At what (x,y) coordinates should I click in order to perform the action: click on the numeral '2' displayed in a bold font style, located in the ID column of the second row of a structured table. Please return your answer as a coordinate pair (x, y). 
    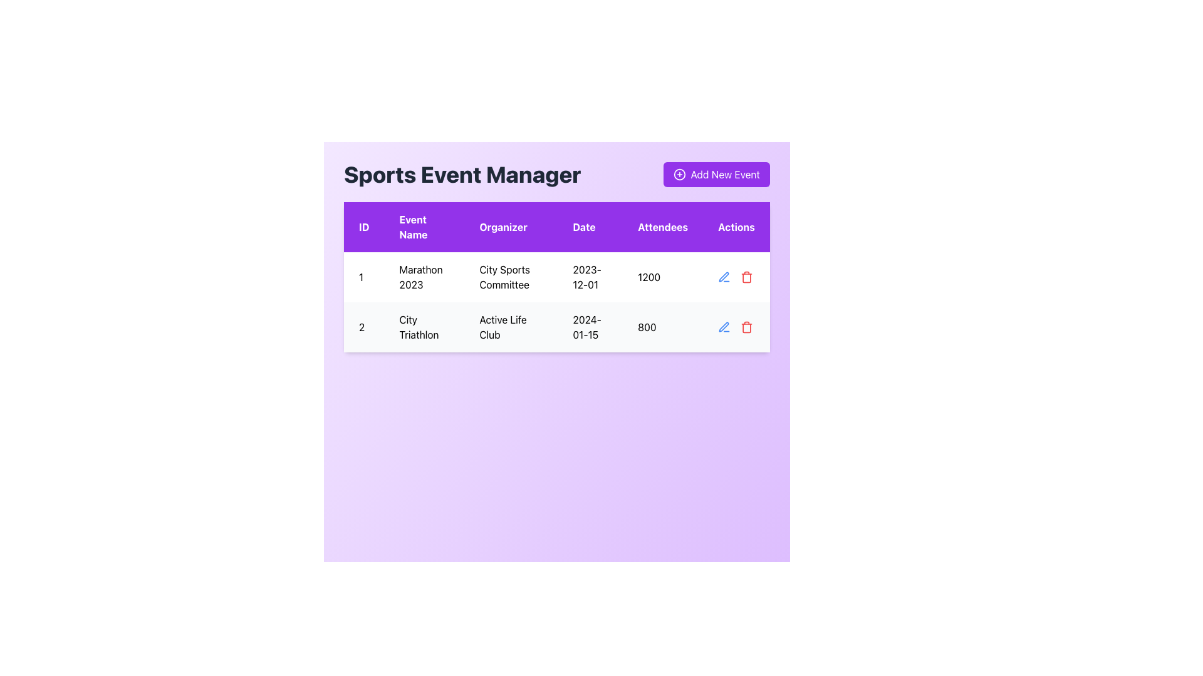
    Looking at the image, I should click on (363, 327).